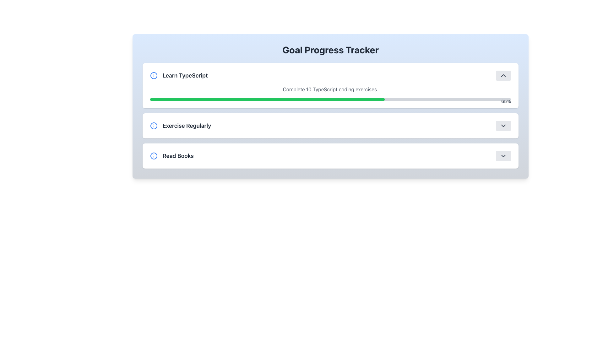  Describe the element at coordinates (503, 75) in the screenshot. I see `the icon button located on the rightmost side of the 'Learn TypeScript' section` at that location.